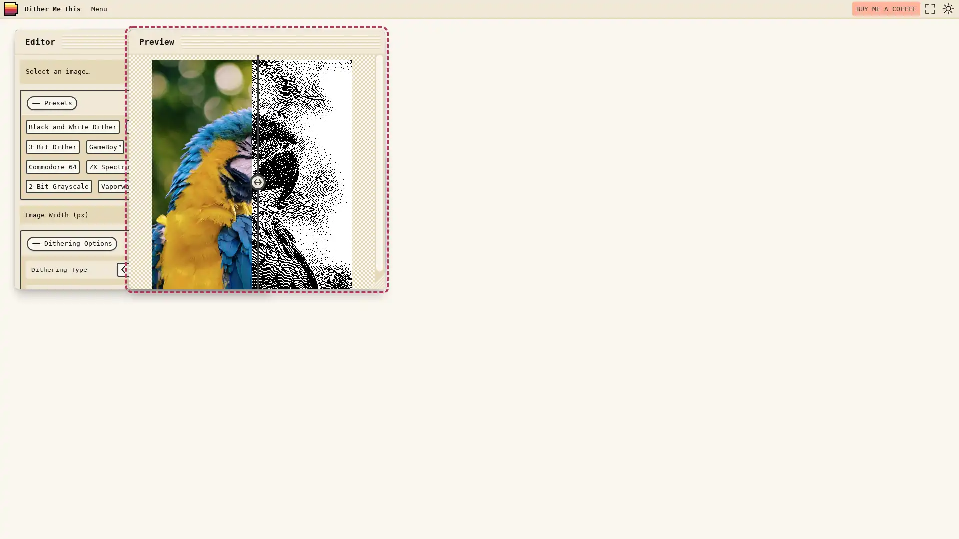  I want to click on select next option, so click(250, 269).